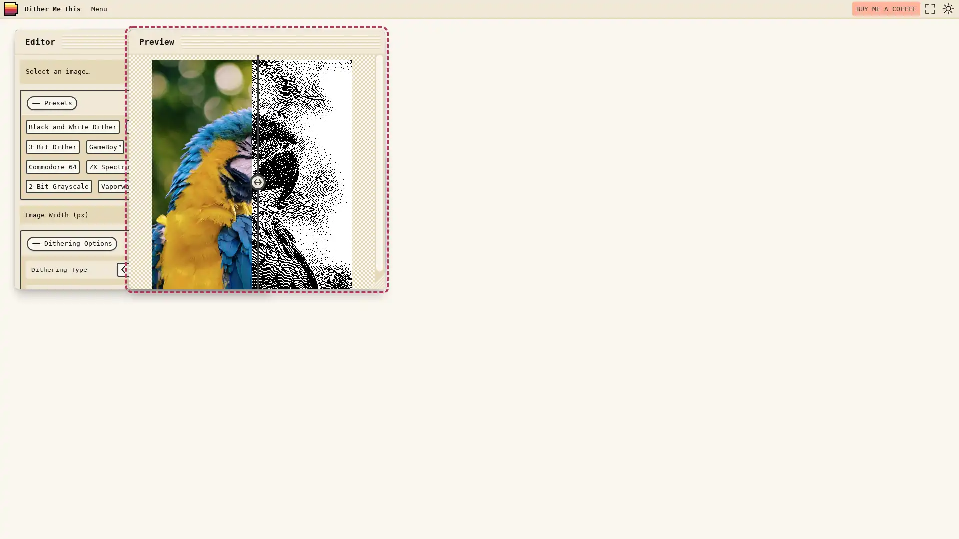  I want to click on select next option, so click(250, 269).